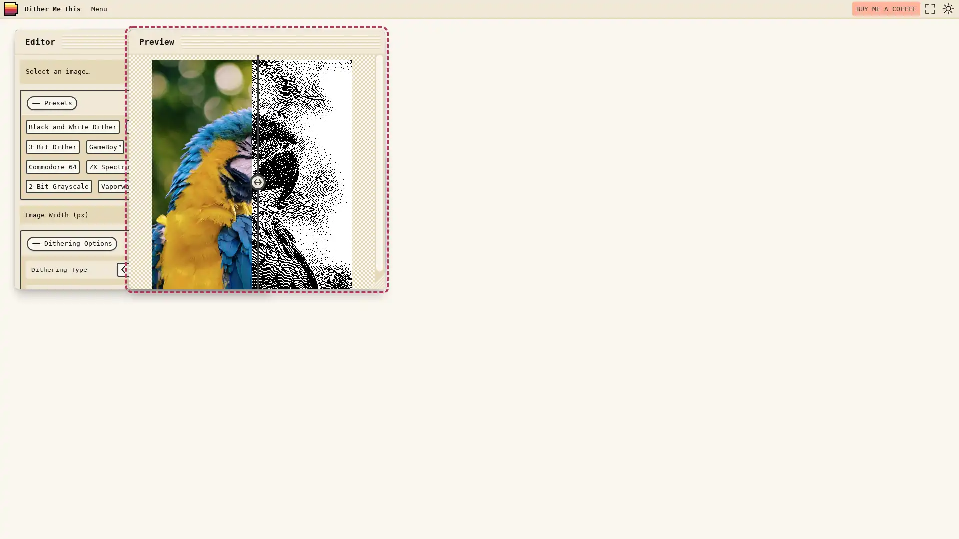  I want to click on select next option, so click(250, 269).